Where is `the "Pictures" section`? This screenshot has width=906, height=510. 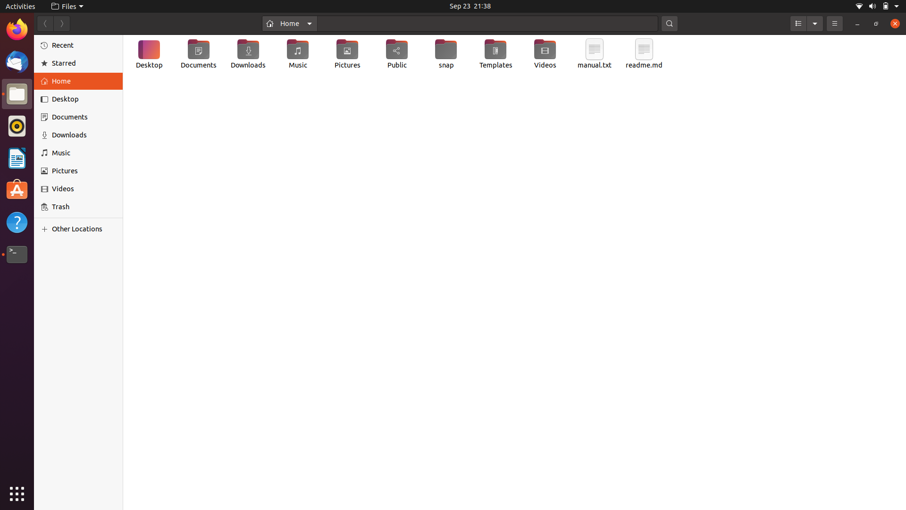 the "Pictures" section is located at coordinates (80, 171).